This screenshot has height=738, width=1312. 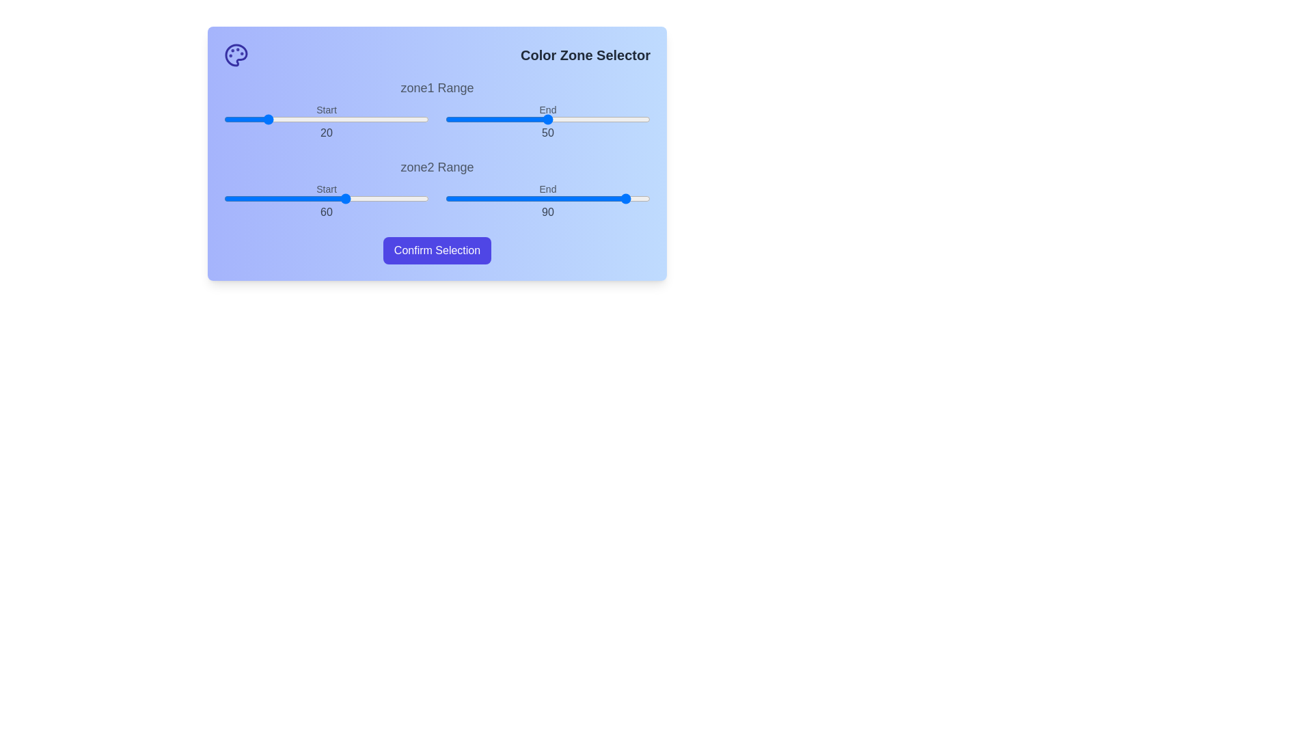 What do you see at coordinates (412, 198) in the screenshot?
I see `the start range slider for zone2 to 92` at bounding box center [412, 198].